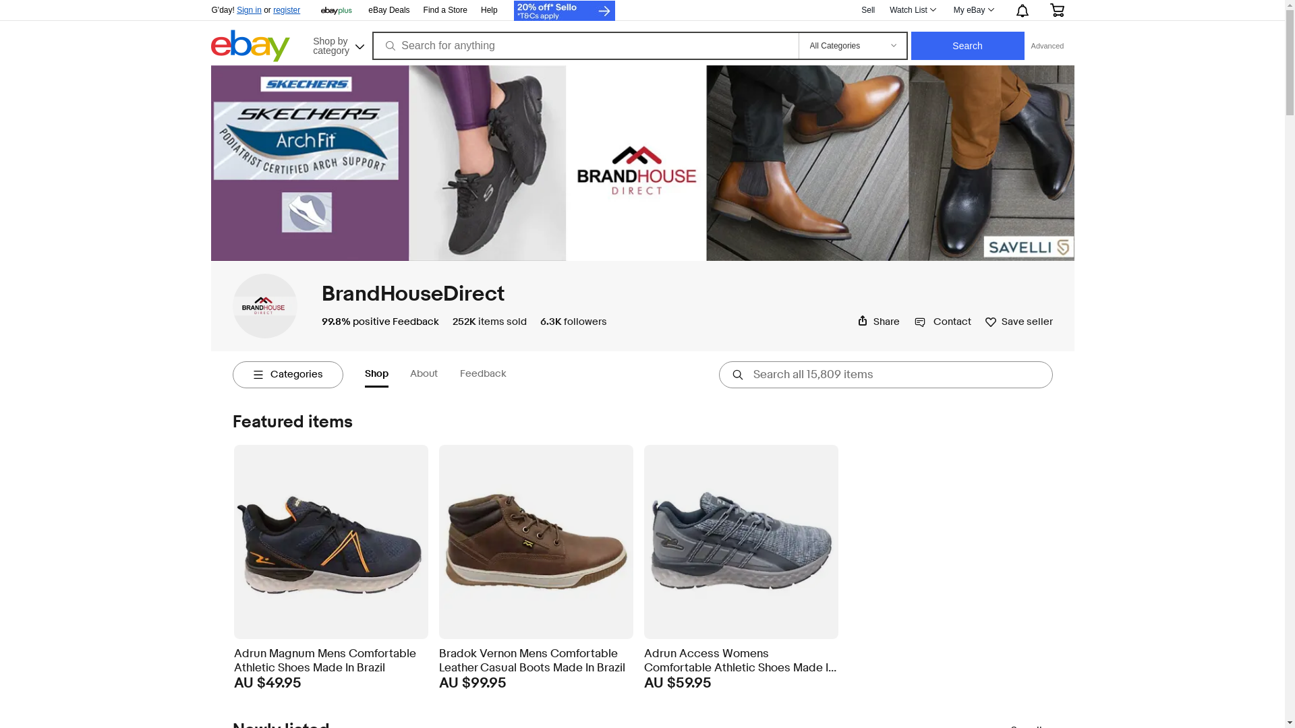 The width and height of the screenshot is (1295, 728). Describe the element at coordinates (967, 45) in the screenshot. I see `'Search'` at that location.